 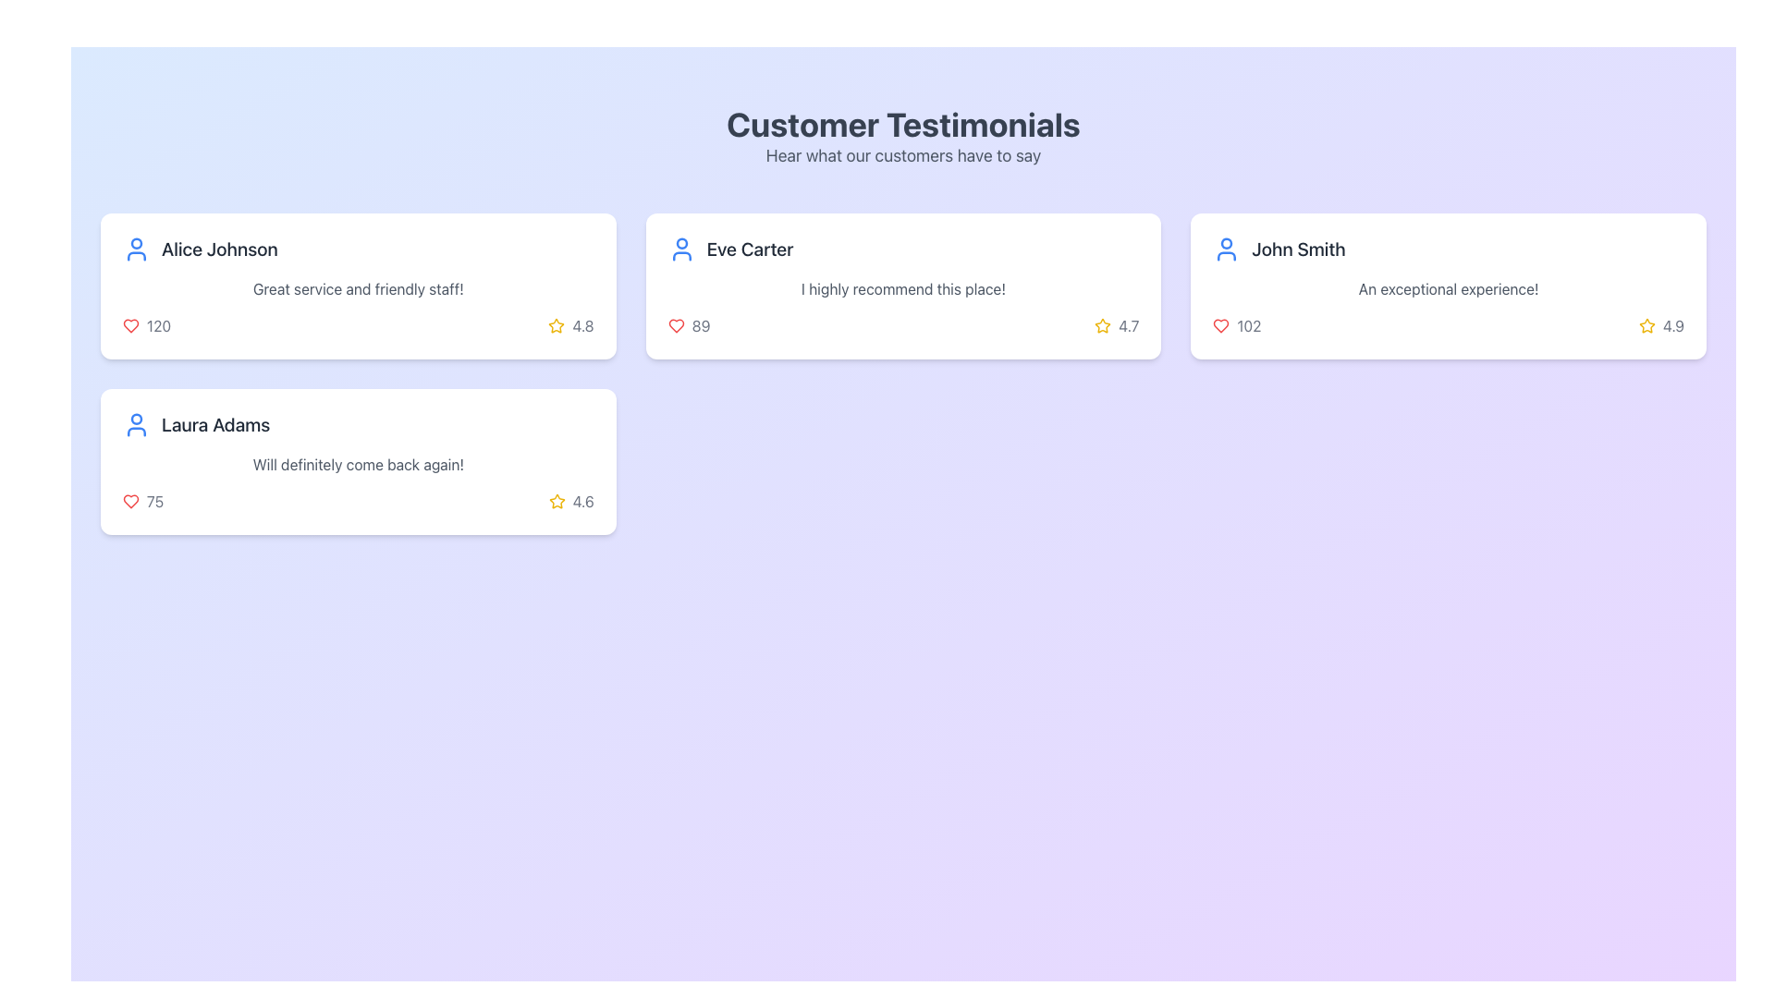 What do you see at coordinates (1661, 325) in the screenshot?
I see `rating display element featuring a yellow star icon and the numeric value '4.9' located at the bottom-right corner of the review card by 'John Smith'` at bounding box center [1661, 325].